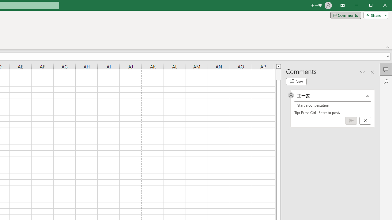 This screenshot has height=220, width=392. Describe the element at coordinates (332, 105) in the screenshot. I see `'Start a conversation'` at that location.